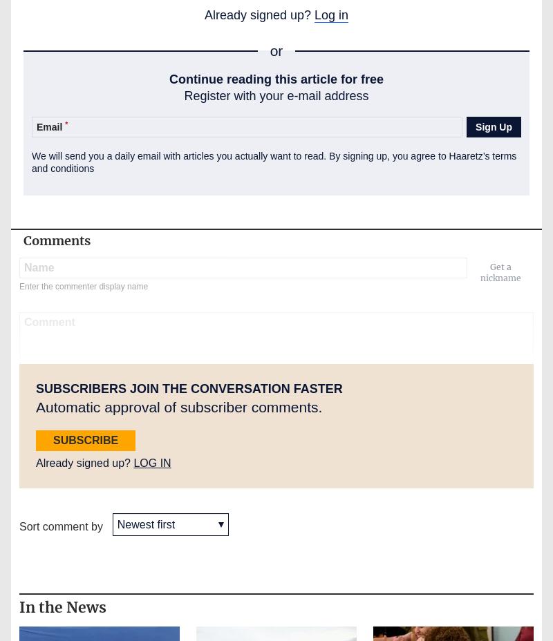 This screenshot has height=641, width=553. Describe the element at coordinates (275, 95) in the screenshot. I see `'Register with your e-mail address'` at that location.